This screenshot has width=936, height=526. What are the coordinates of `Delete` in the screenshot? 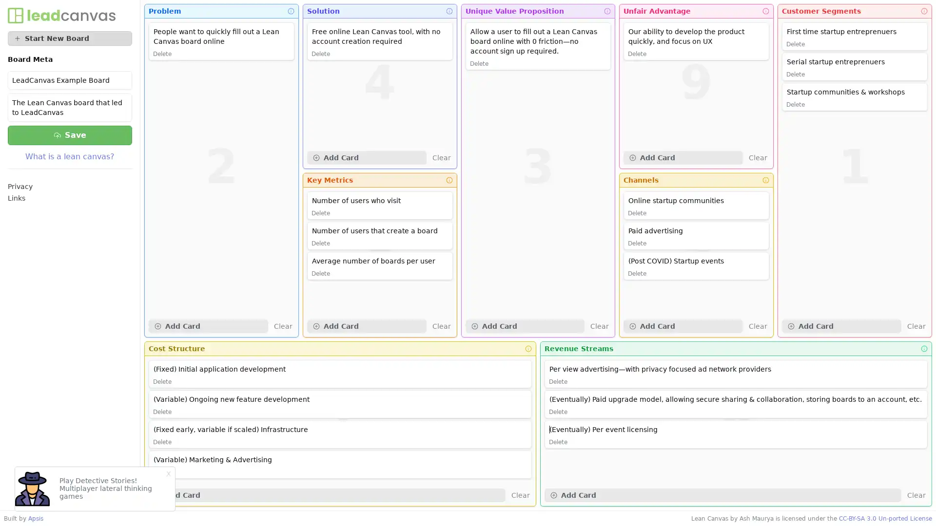 It's located at (320, 212).